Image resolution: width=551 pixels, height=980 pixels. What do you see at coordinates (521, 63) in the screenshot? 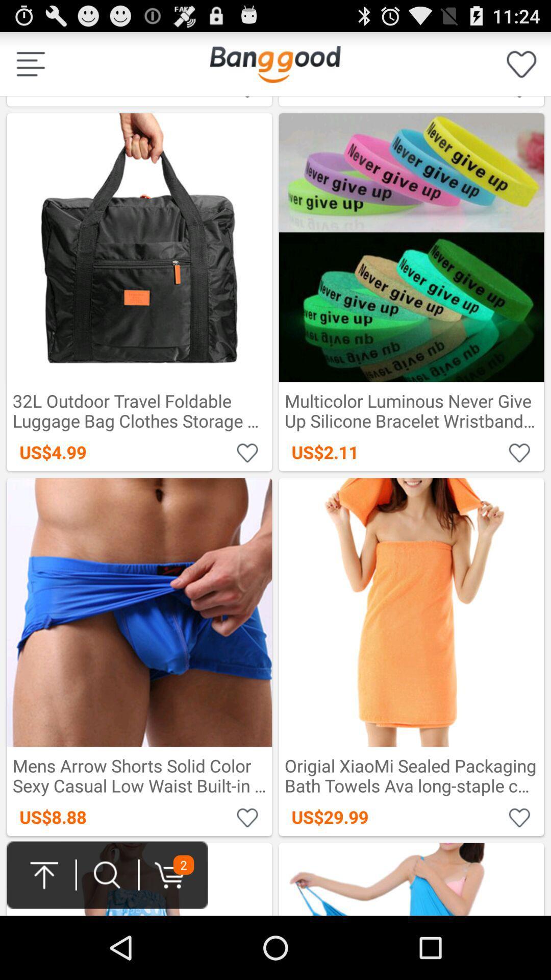
I see `the item to the right of the us$1.59 icon` at bounding box center [521, 63].